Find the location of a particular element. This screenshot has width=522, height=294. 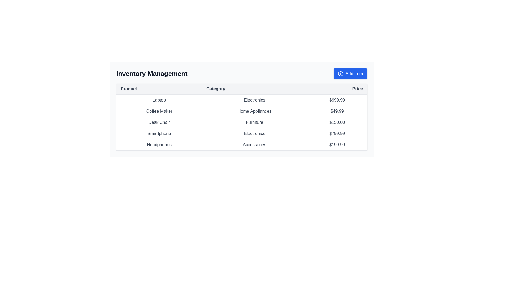

the plus sign icon located at the left end of the 'Add Item' button in the top-right corner of the interface is located at coordinates (340, 73).